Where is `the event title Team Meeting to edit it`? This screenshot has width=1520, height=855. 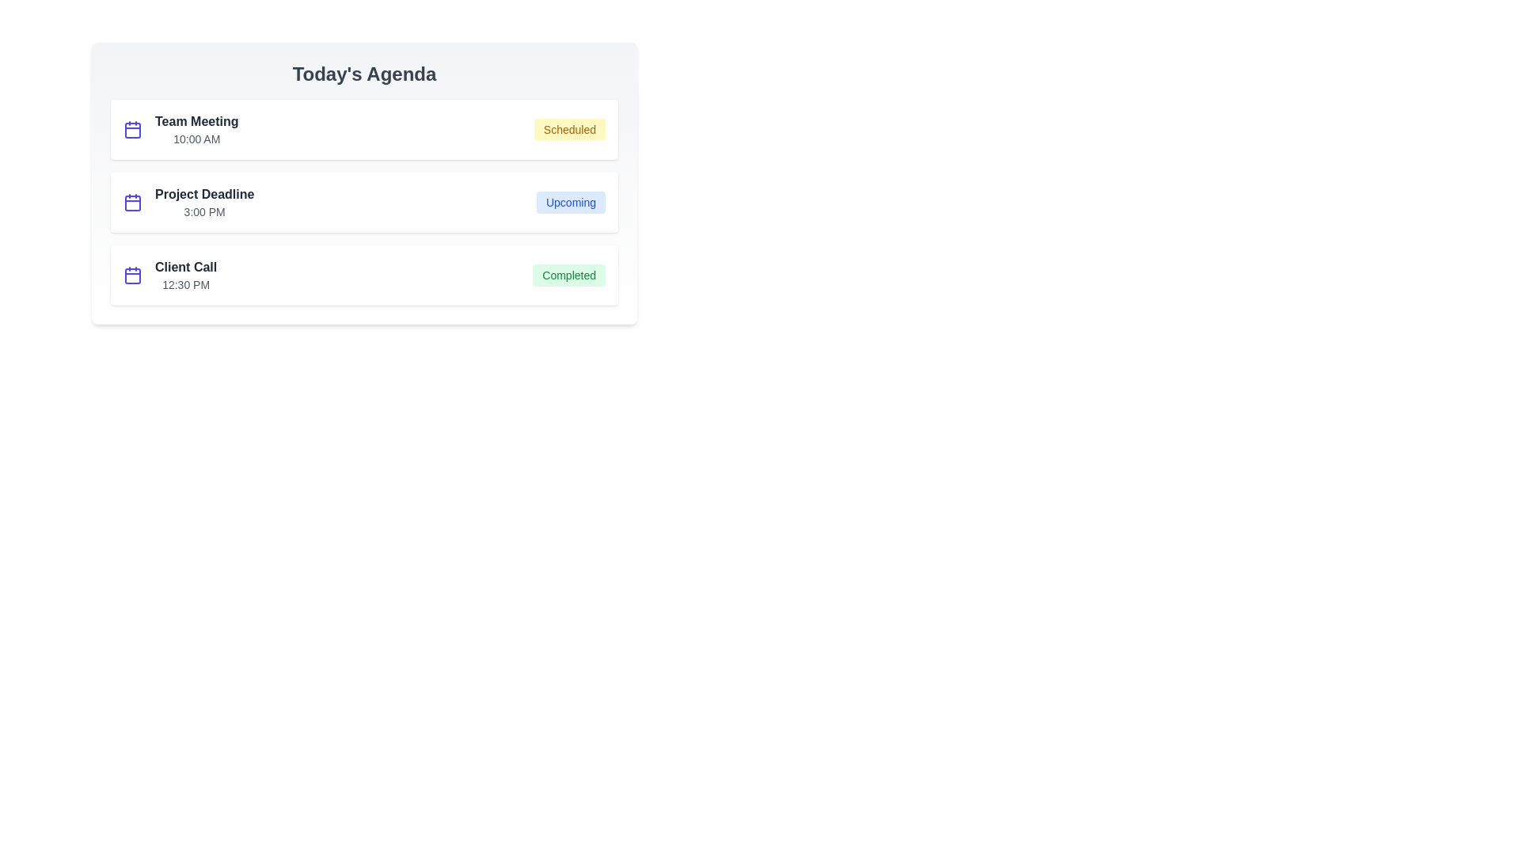
the event title Team Meeting to edit it is located at coordinates (196, 121).